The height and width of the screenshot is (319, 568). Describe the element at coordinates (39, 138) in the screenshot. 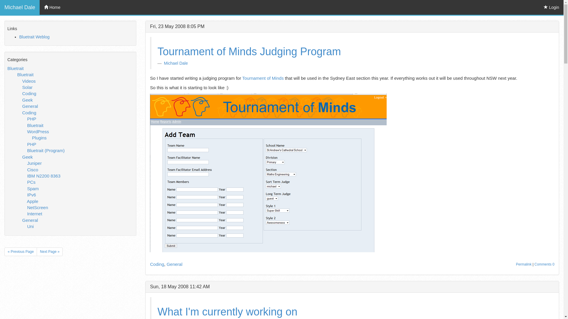

I see `'Plugins'` at that location.